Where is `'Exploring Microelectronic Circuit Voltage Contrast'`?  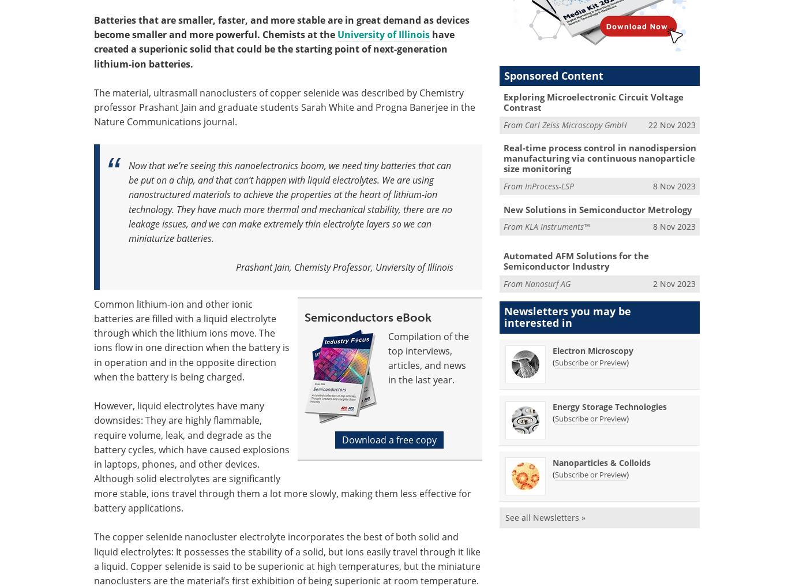
'Exploring Microelectronic Circuit Voltage Contrast' is located at coordinates (502, 102).